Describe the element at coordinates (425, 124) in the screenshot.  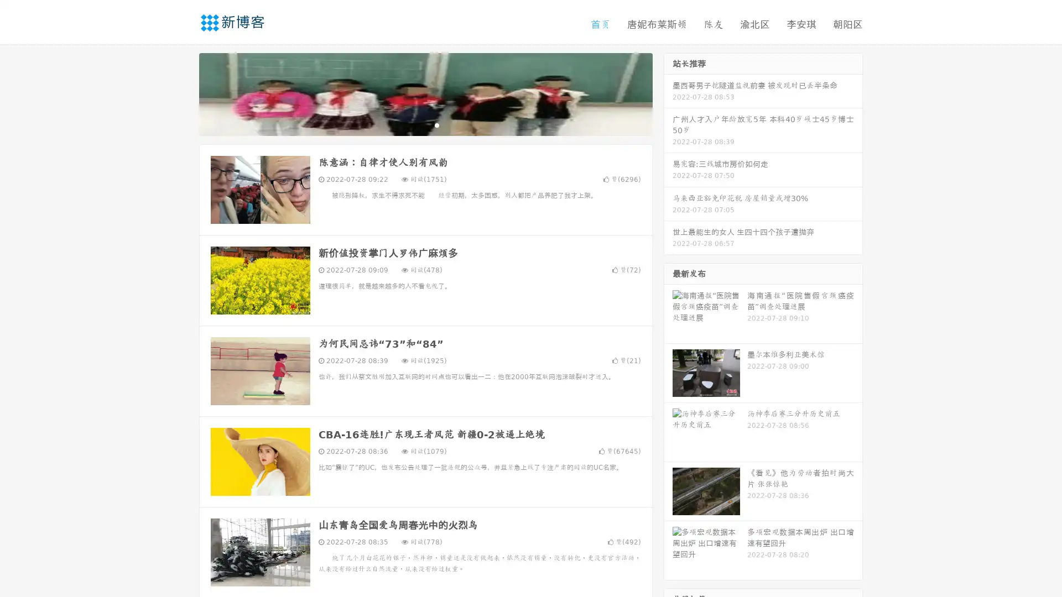
I see `Go to slide 2` at that location.